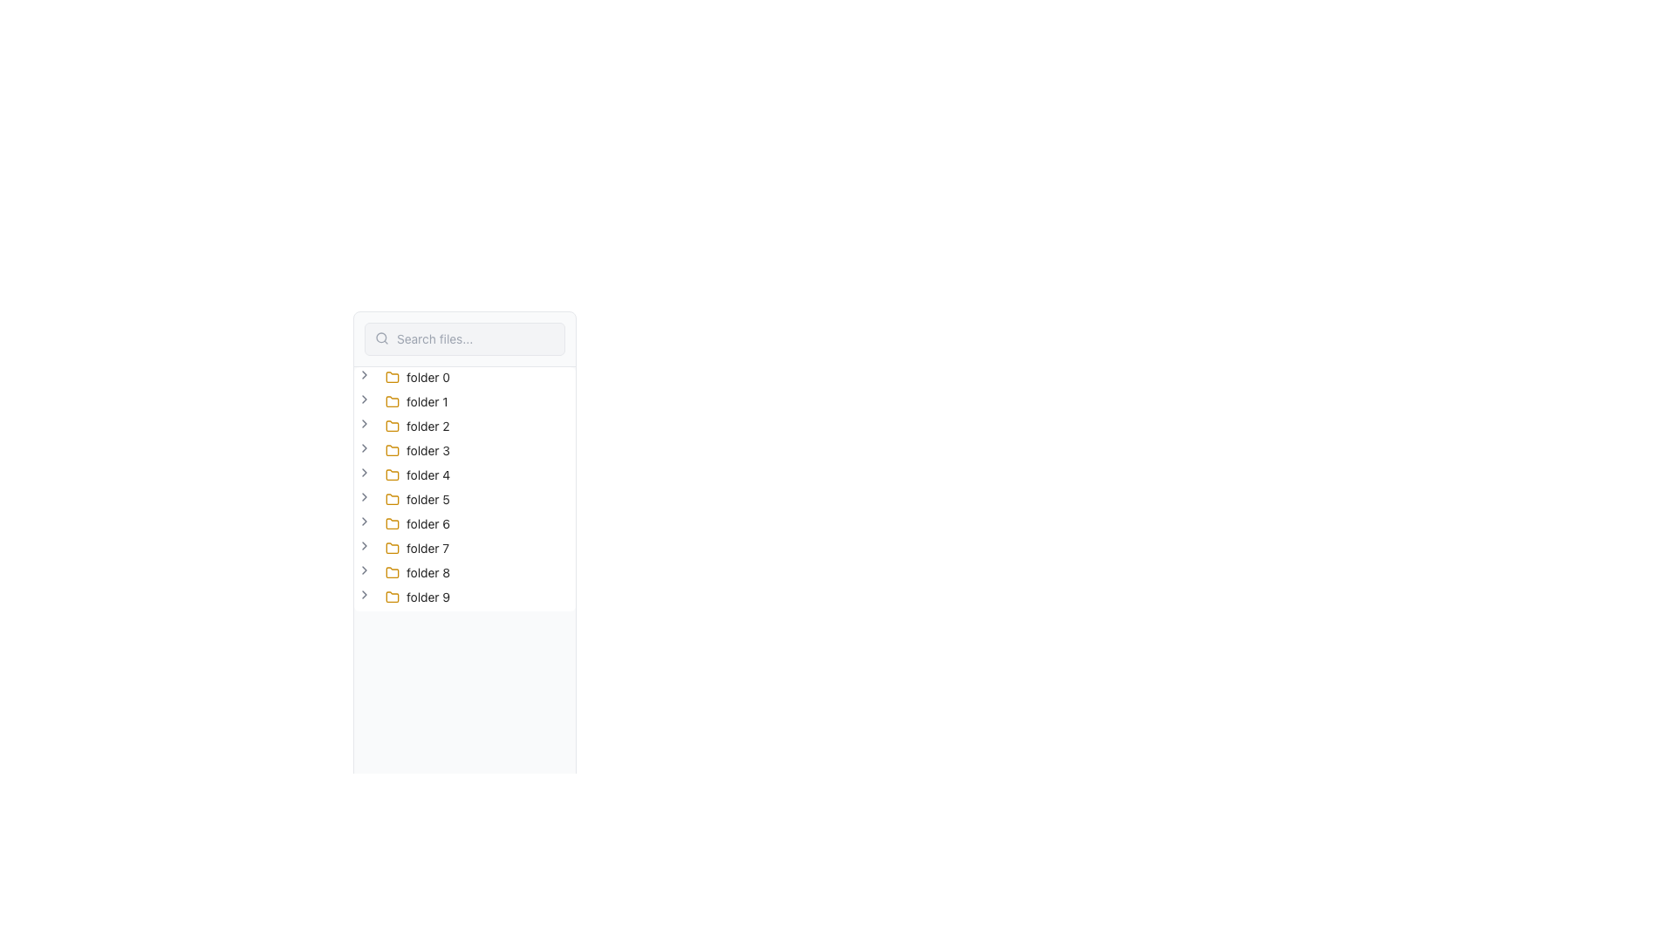 This screenshot has height=942, width=1675. I want to click on the small yellow outlined folder icon located next to the label 'folder 4' in the vertical list of folders, so click(392, 474).